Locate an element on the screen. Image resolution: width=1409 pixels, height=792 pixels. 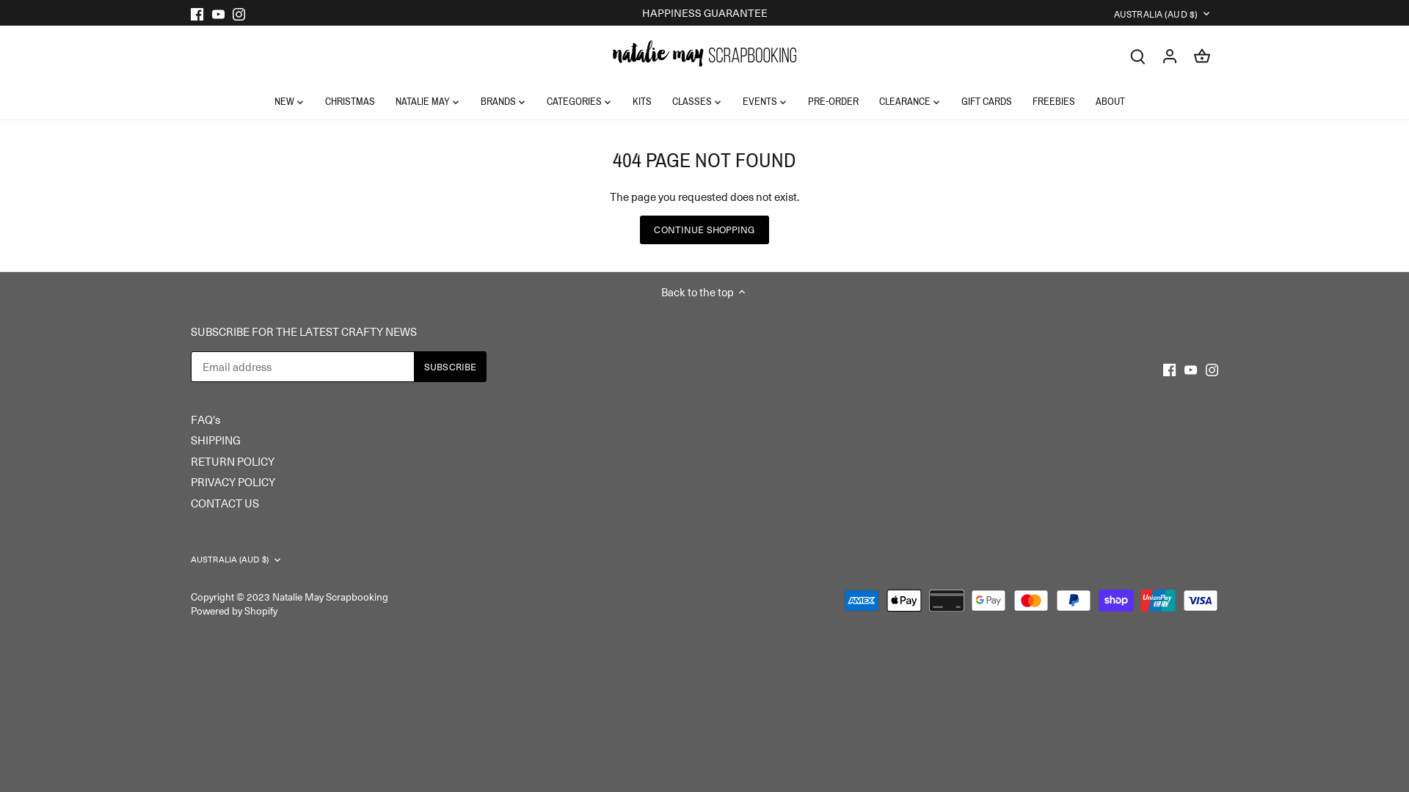
'Back to the top' is located at coordinates (704, 291).